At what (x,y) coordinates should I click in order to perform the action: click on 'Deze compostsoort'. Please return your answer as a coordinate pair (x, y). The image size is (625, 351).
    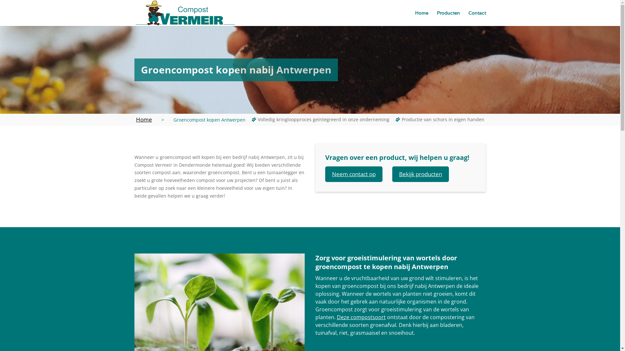
    Looking at the image, I should click on (361, 317).